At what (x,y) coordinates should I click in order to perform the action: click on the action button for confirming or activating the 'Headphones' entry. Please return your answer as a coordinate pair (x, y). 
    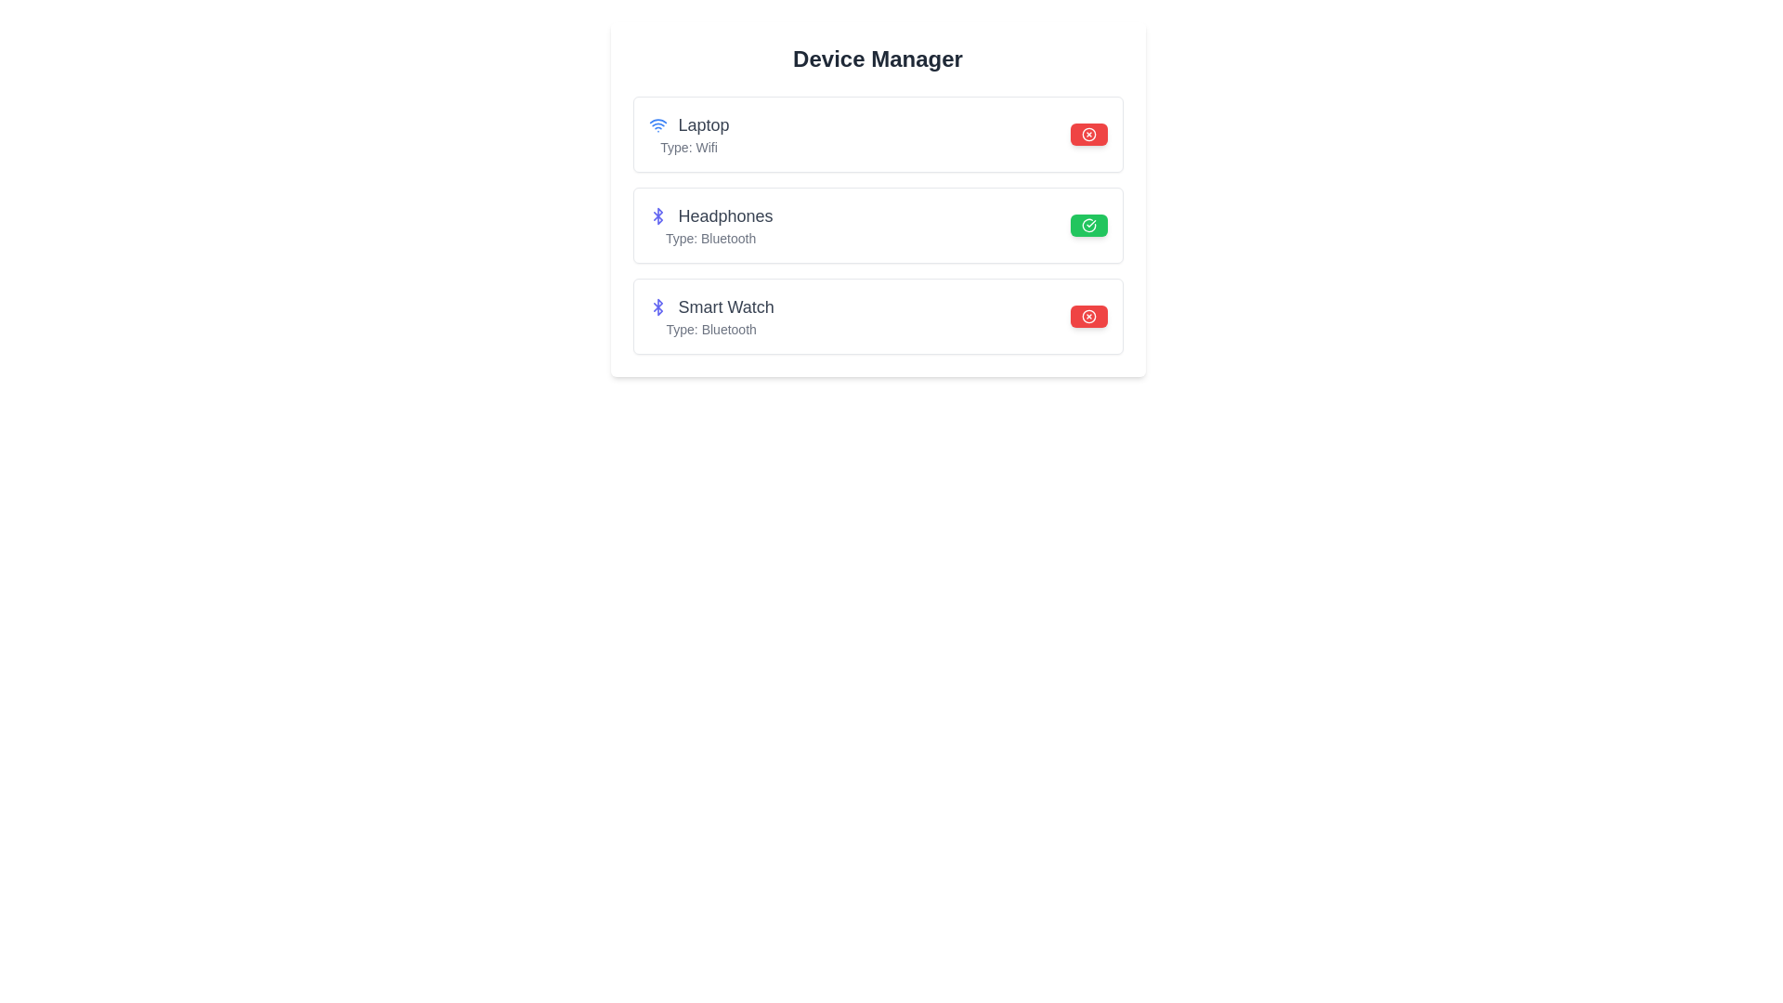
    Looking at the image, I should click on (1088, 225).